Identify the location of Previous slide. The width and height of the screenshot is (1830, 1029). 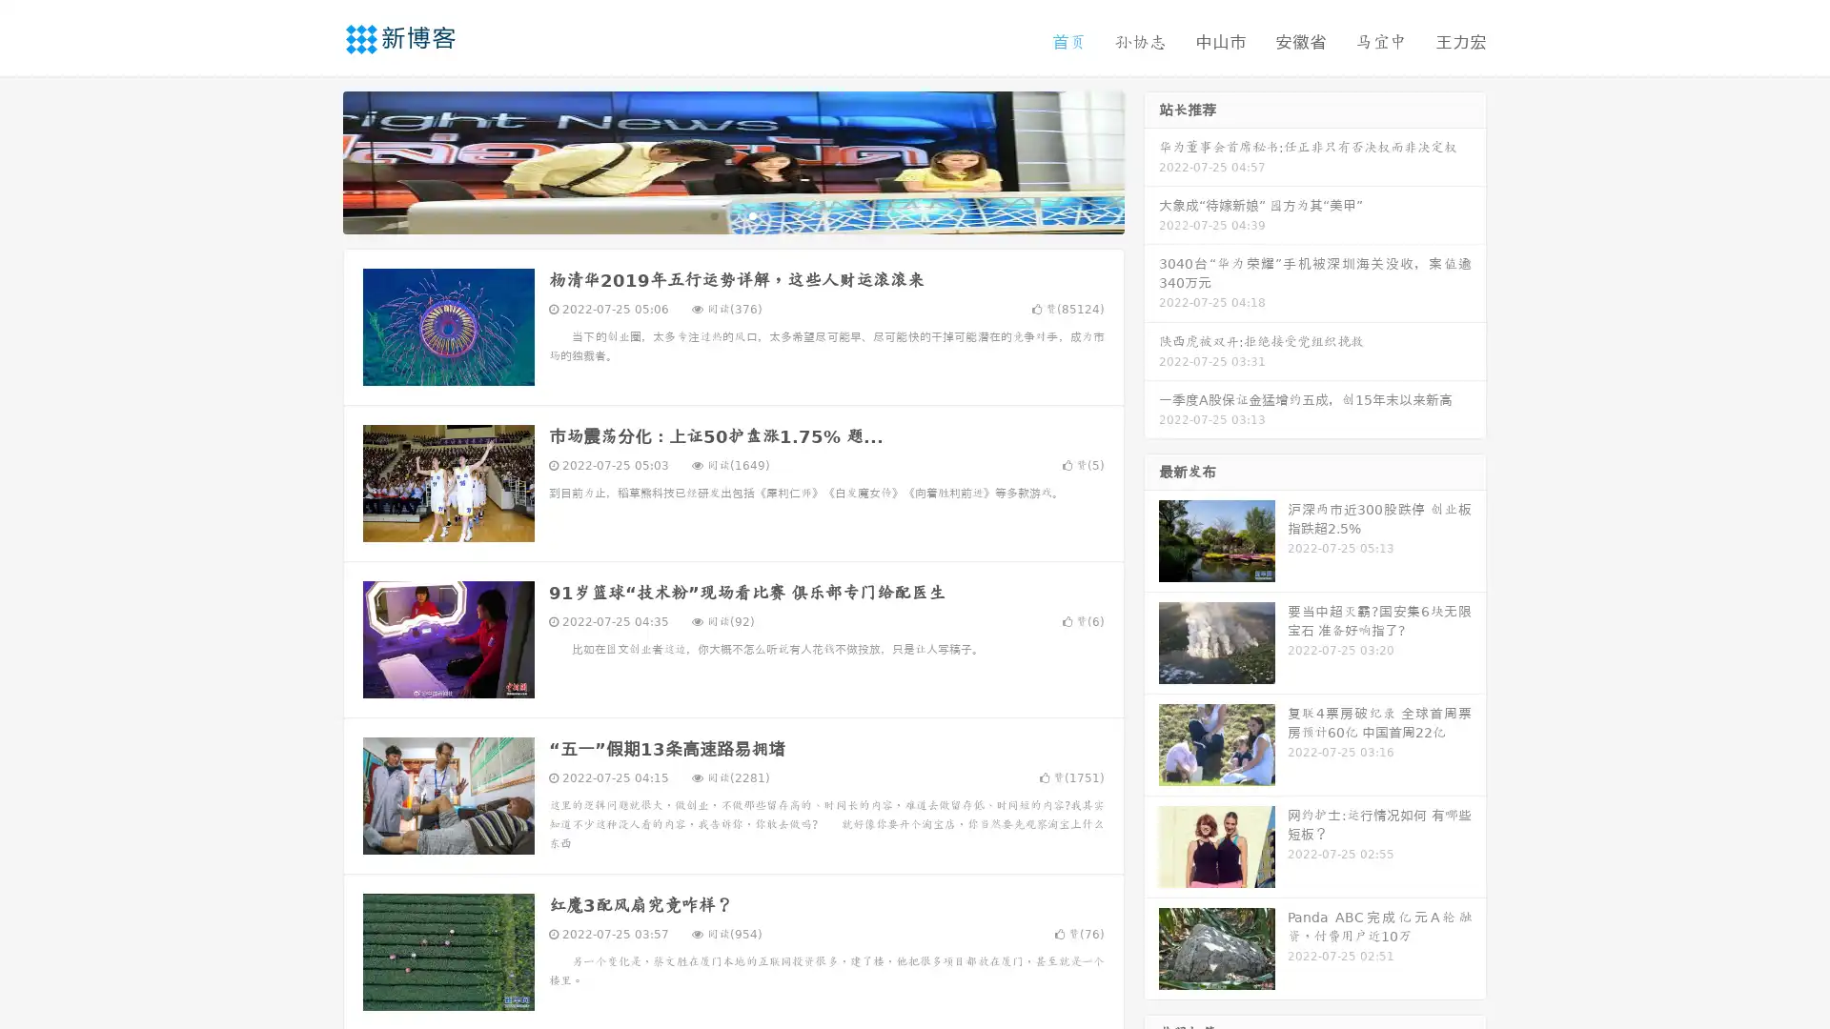
(315, 160).